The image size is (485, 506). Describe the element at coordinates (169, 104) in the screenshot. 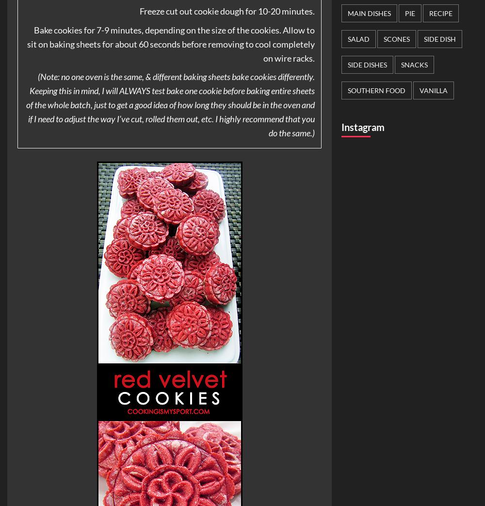

I see `'(Note: no one oven is the same, & different baking sheets bake cookies differently. Keeping this in mind, I will ALWAYS test bake one cookie before baking entire sheets of the whole batch, just to get a good idea of how long they should be in the oven and if I need to adjust the way I’ve cut, rolled them out, etc. I highly recommend that you do the same.)'` at that location.